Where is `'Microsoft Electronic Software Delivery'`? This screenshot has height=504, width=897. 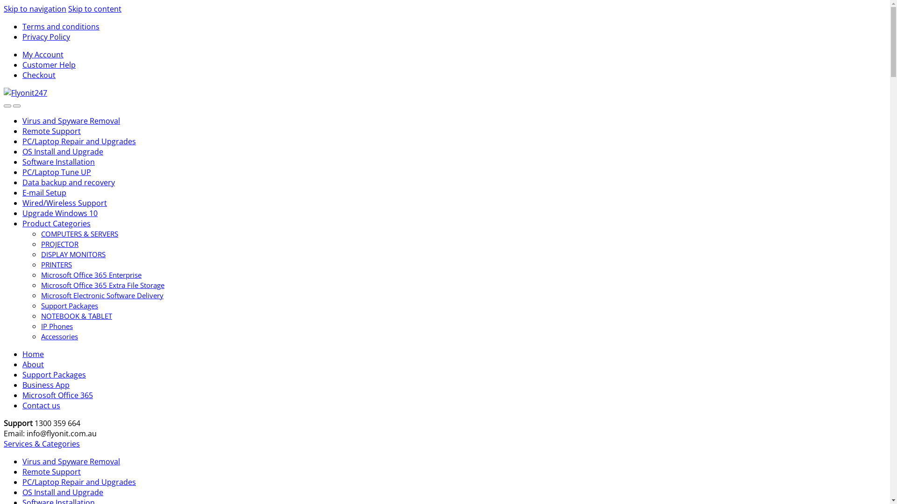
'Microsoft Electronic Software Delivery' is located at coordinates (102, 295).